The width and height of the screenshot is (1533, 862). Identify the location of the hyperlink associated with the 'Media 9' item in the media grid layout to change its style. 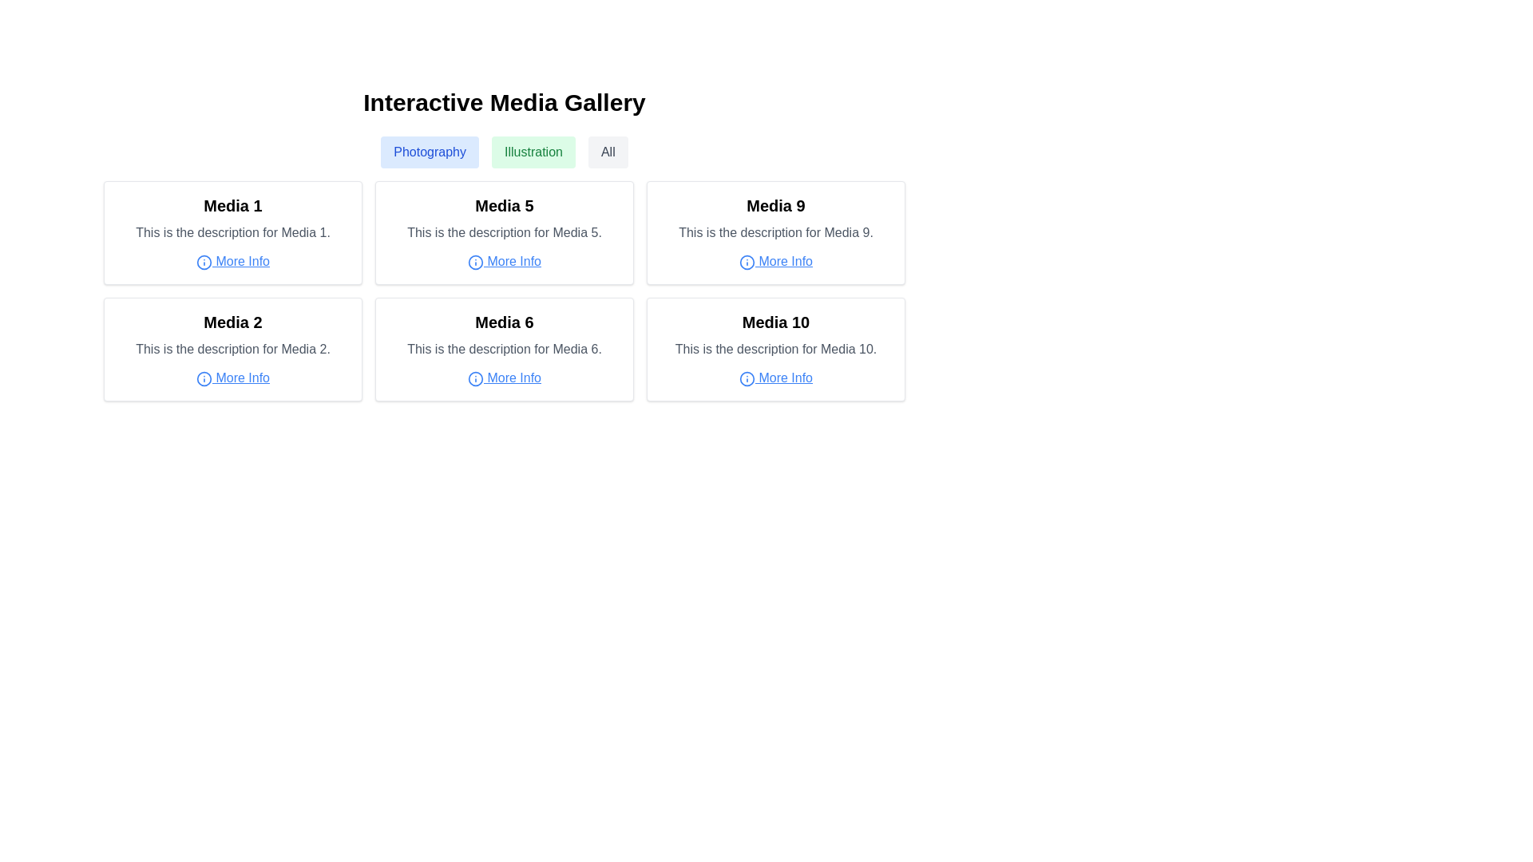
(775, 260).